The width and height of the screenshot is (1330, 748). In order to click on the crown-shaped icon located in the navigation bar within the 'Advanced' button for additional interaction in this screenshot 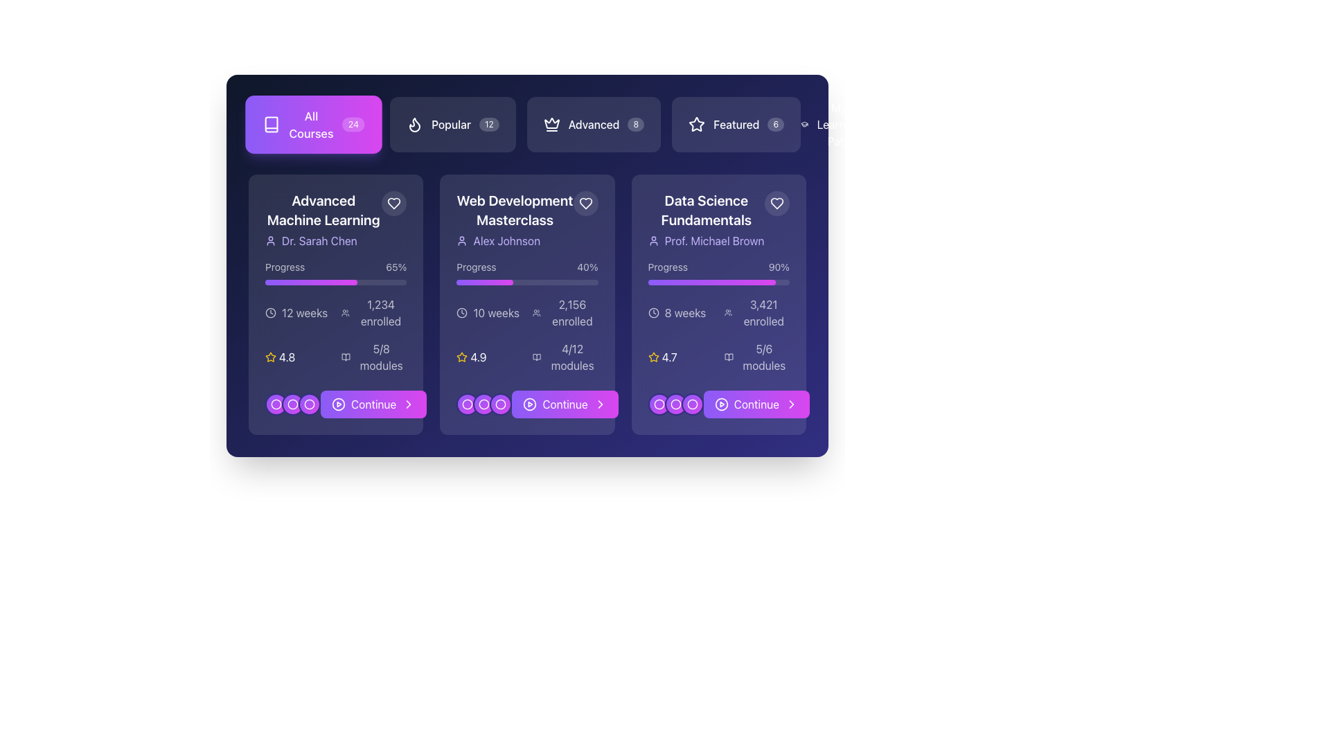, I will do `click(551, 122)`.